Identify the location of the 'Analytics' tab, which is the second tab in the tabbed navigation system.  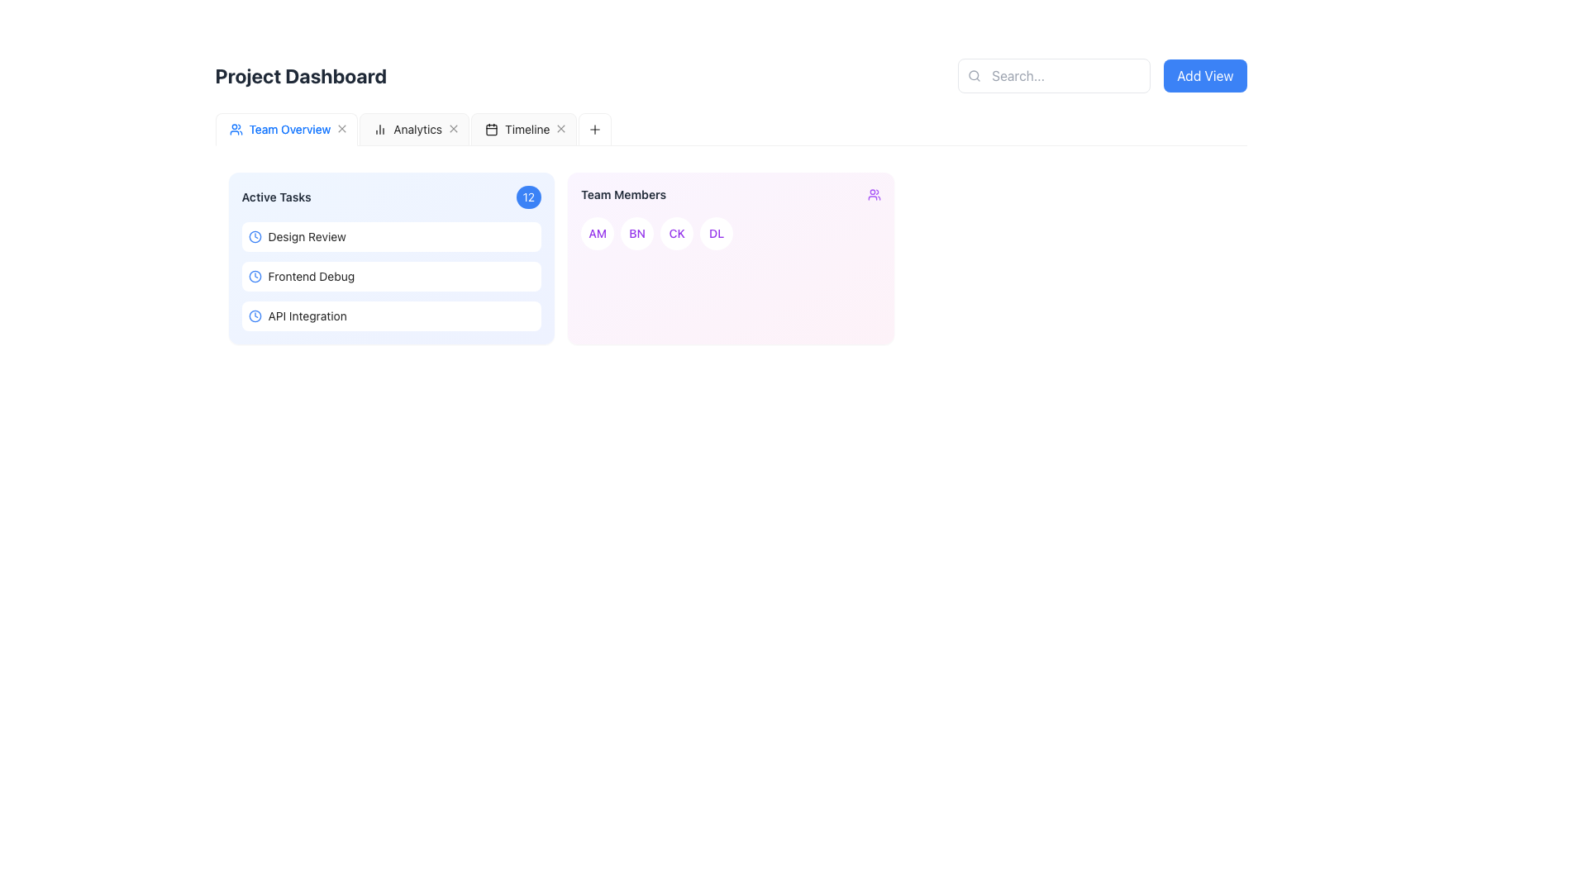
(414, 129).